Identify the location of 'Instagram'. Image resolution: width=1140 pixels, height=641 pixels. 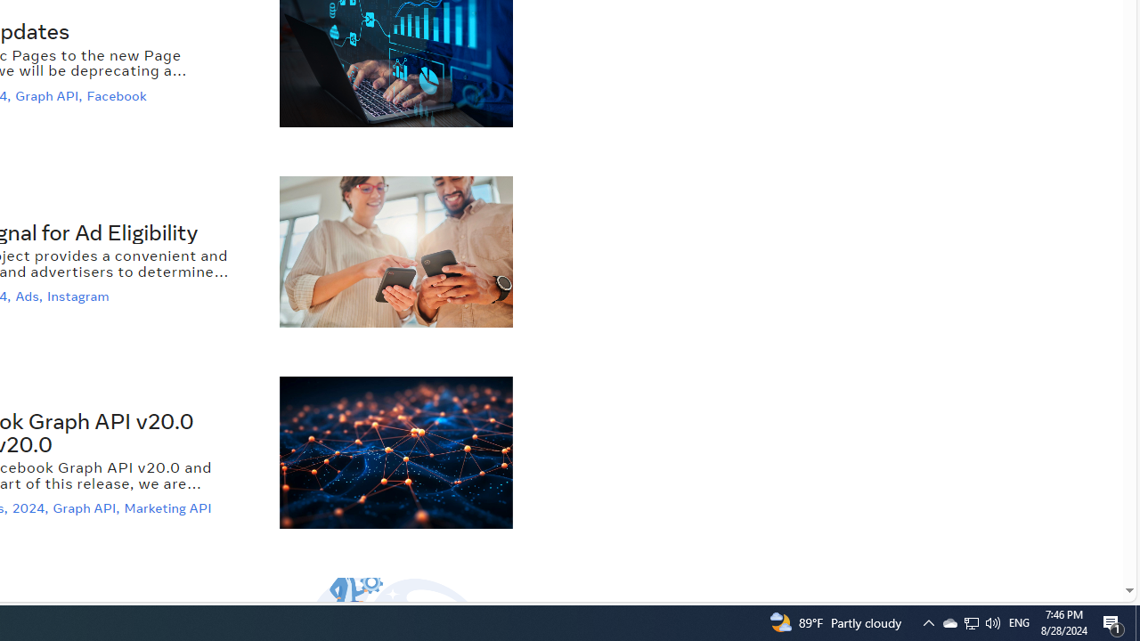
(79, 296).